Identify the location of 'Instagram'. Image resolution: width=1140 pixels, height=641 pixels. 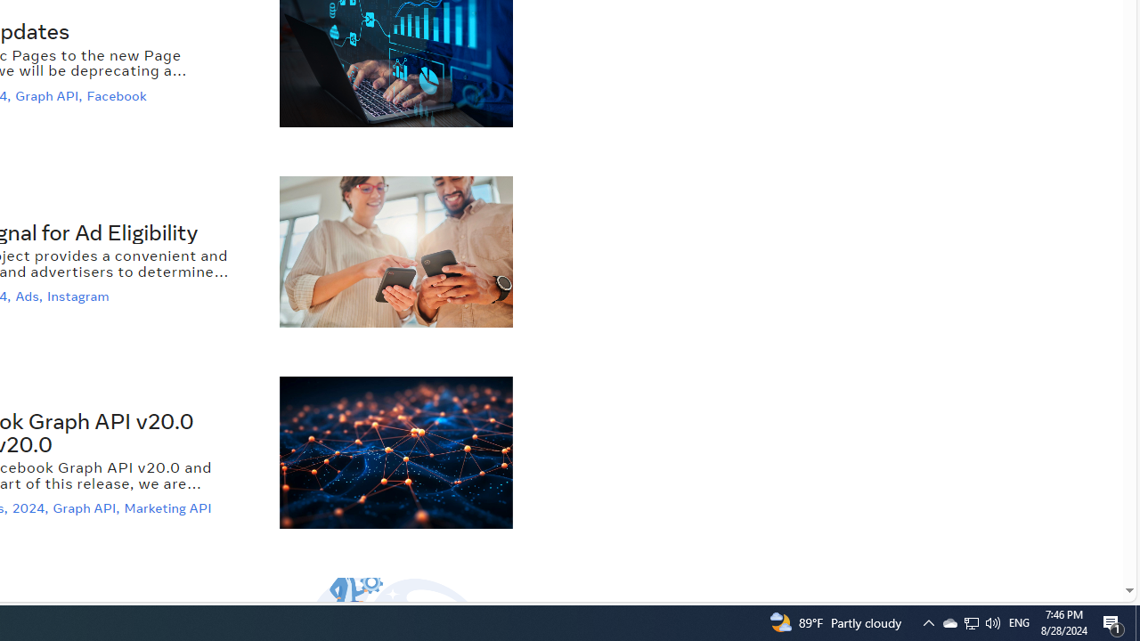
(79, 296).